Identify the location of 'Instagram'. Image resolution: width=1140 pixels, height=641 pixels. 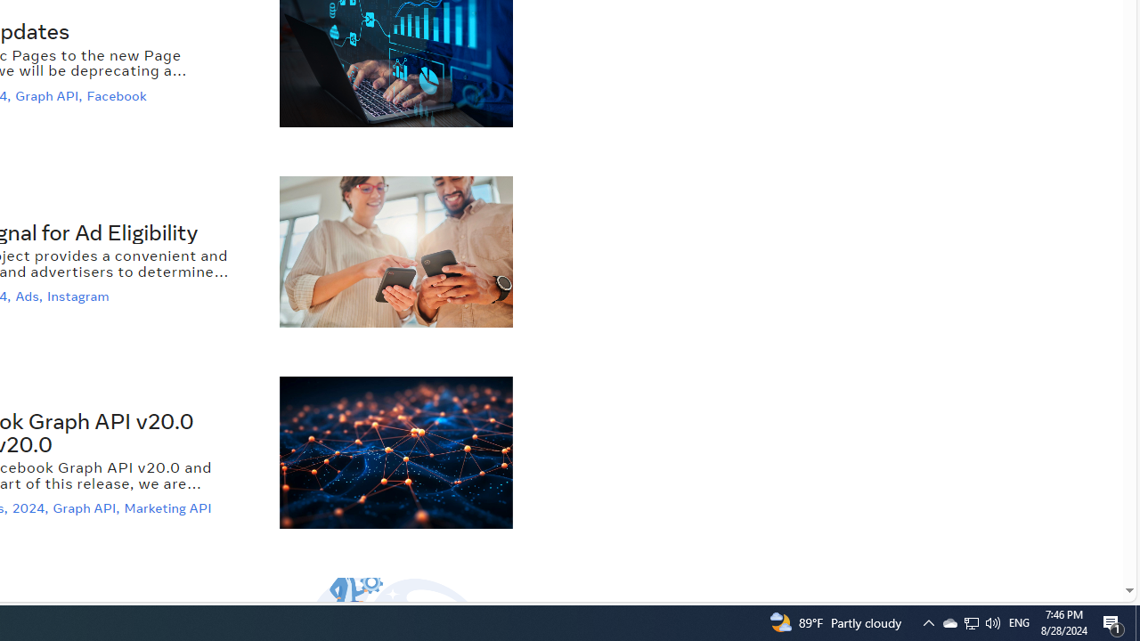
(79, 296).